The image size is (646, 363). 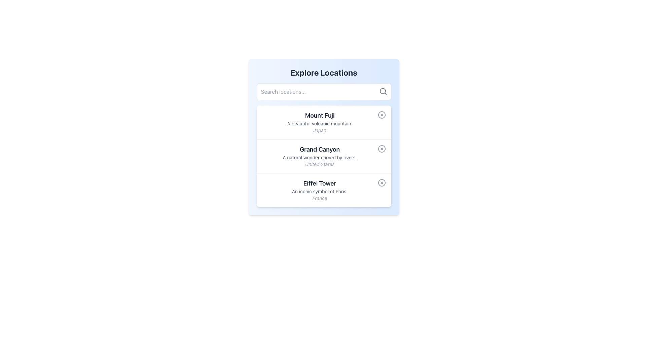 I want to click on the Informational Card, so click(x=324, y=137).